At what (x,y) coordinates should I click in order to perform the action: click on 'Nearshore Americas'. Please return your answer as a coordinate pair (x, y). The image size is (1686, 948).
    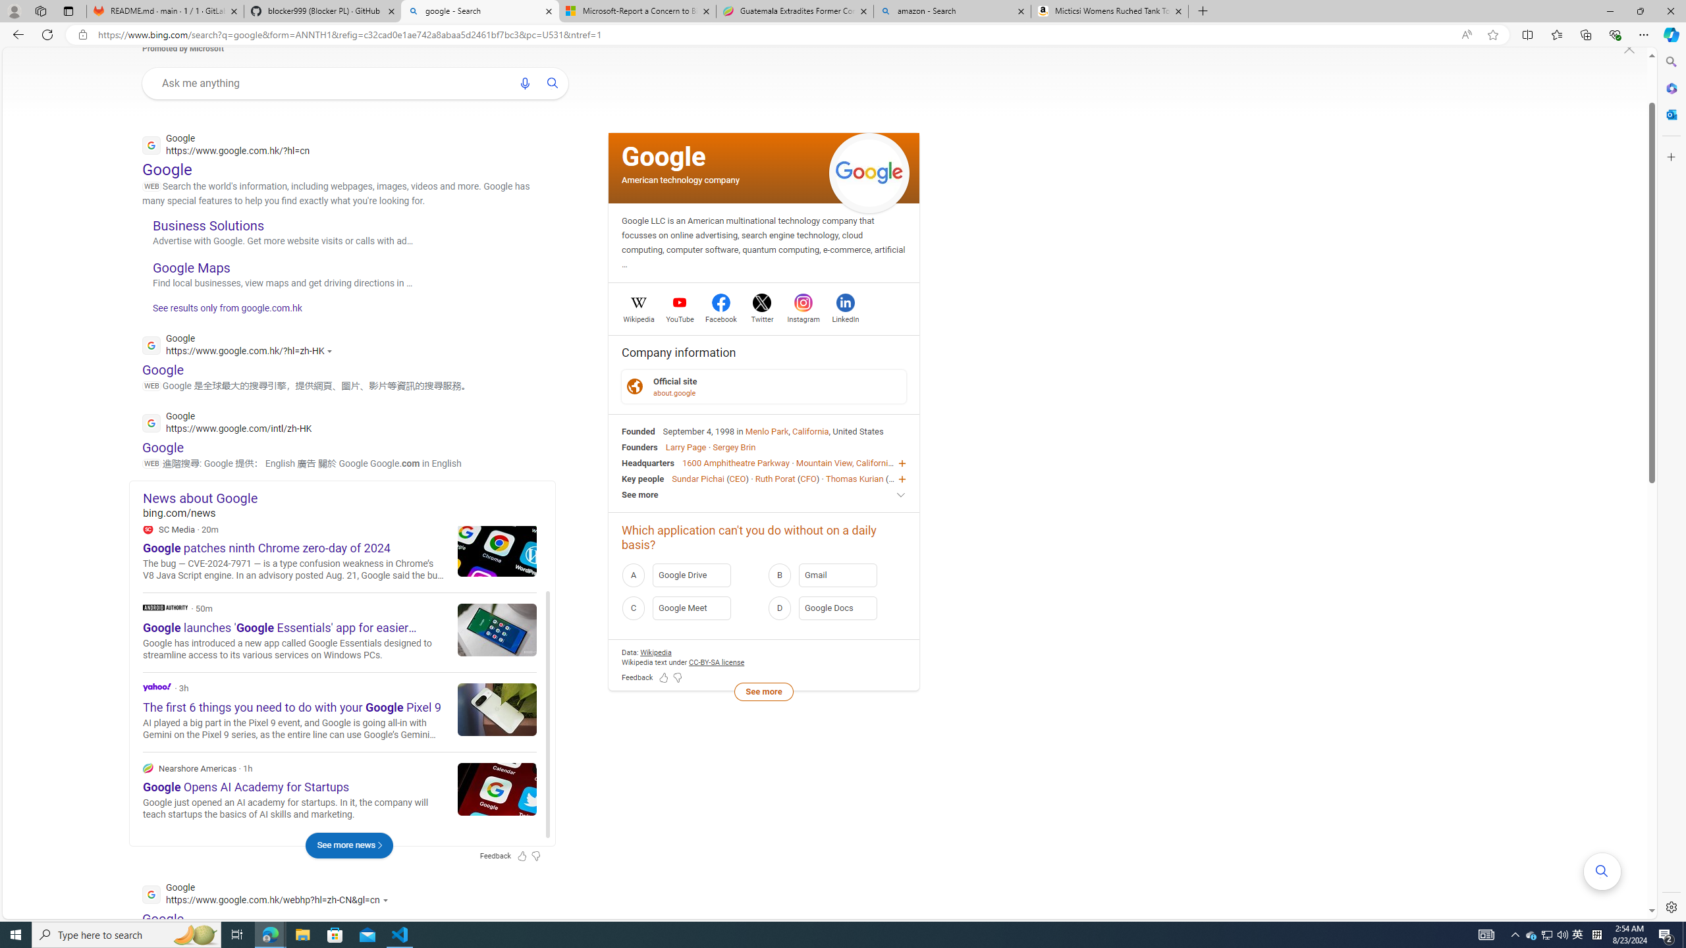
    Looking at the image, I should click on (148, 767).